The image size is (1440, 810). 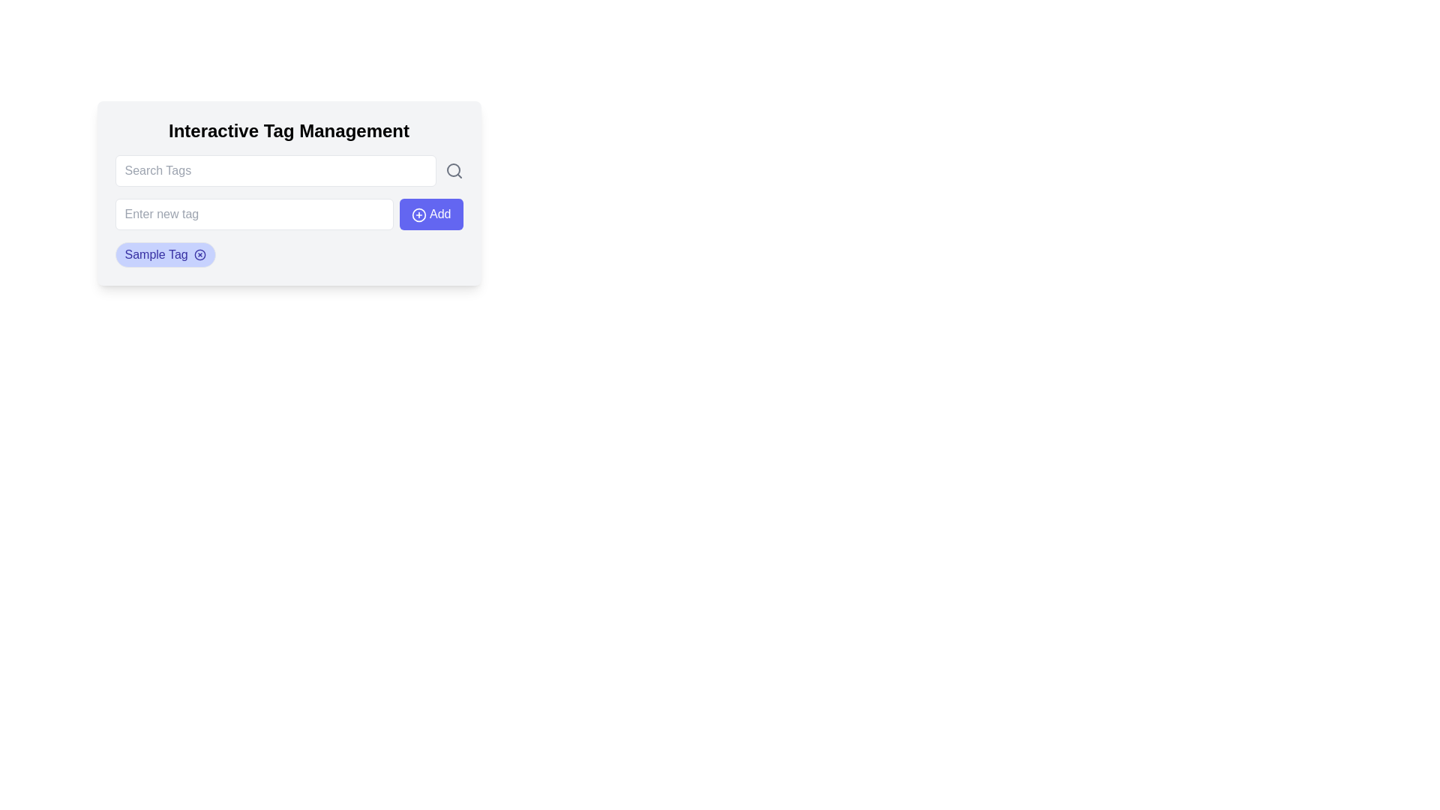 What do you see at coordinates (453, 169) in the screenshot?
I see `the magnifying glass icon` at bounding box center [453, 169].